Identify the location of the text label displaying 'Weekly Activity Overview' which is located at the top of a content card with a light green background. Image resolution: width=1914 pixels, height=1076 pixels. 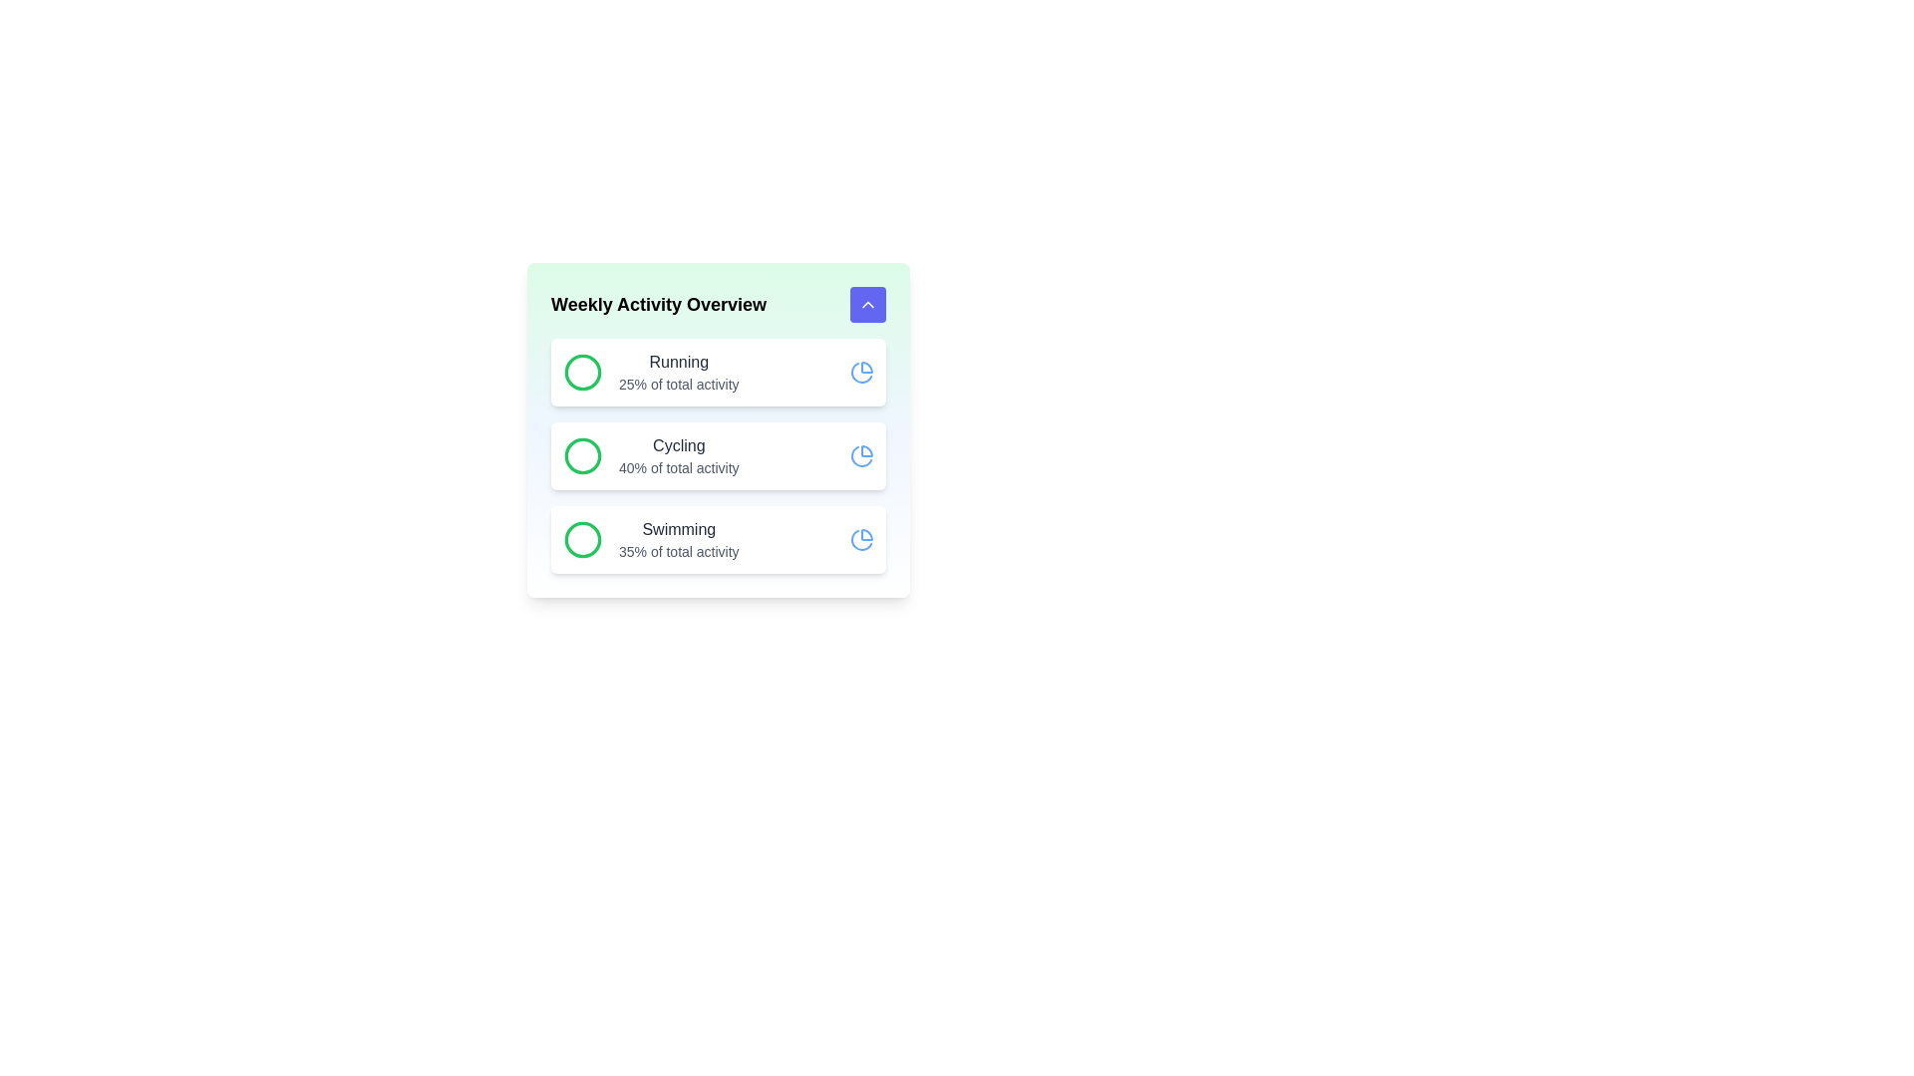
(659, 304).